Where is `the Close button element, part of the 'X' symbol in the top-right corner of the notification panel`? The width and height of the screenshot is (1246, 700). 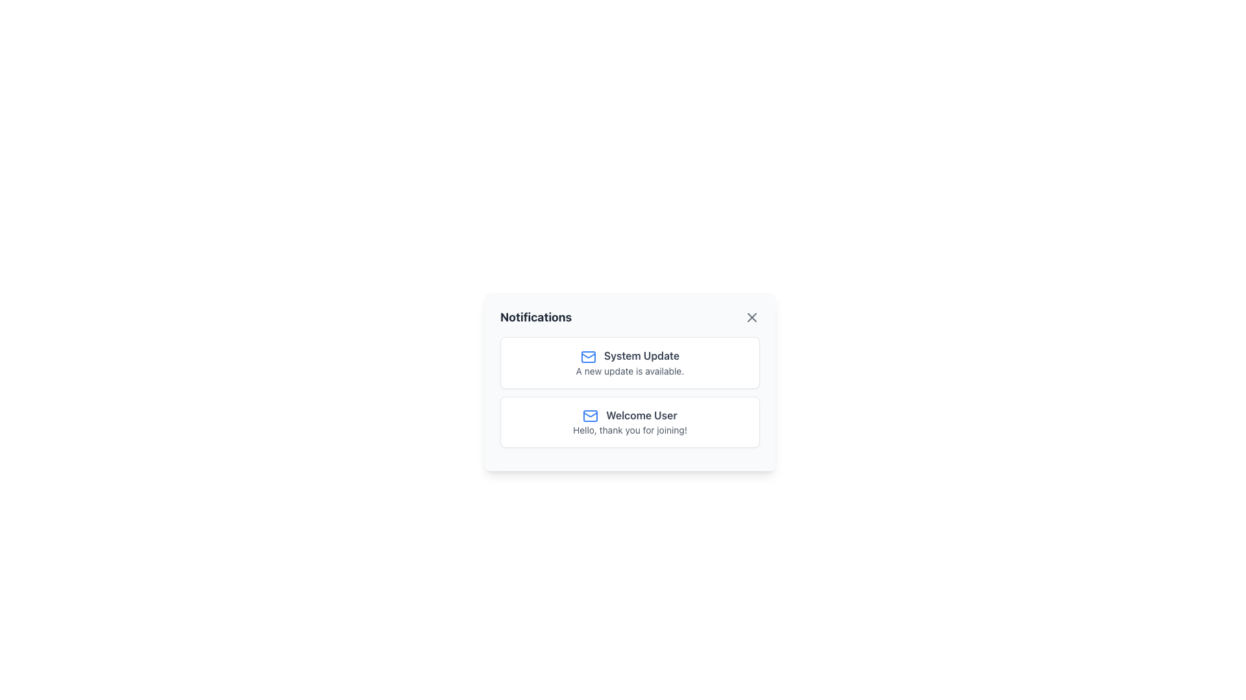
the Close button element, part of the 'X' symbol in the top-right corner of the notification panel is located at coordinates (751, 317).